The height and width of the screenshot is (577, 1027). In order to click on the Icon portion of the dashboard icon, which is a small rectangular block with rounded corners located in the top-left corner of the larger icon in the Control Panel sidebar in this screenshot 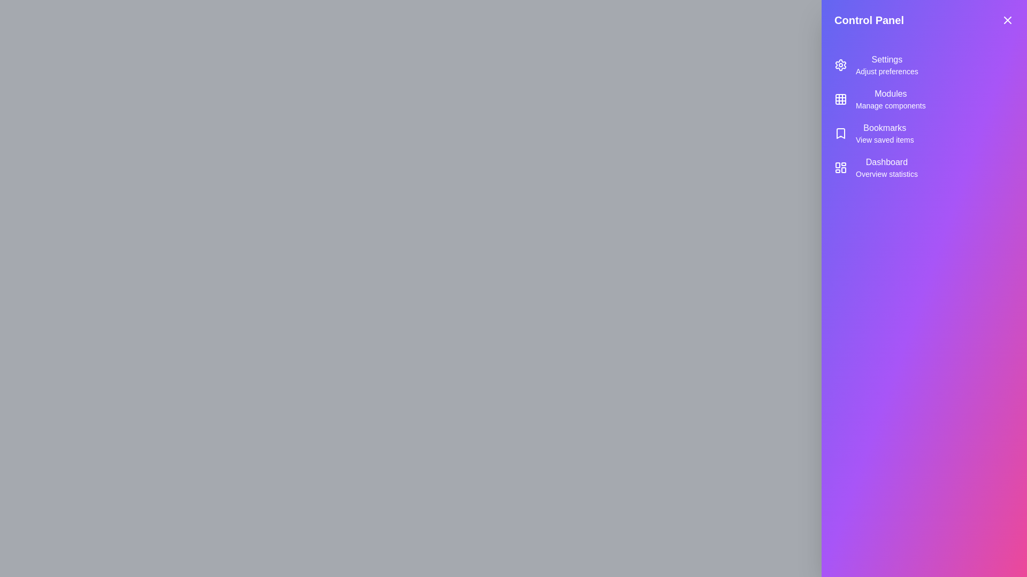, I will do `click(837, 165)`.